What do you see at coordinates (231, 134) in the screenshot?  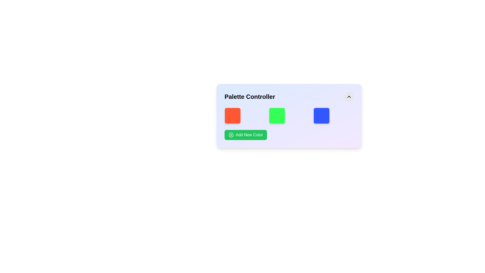 I see `the circular SVG element representing the '+' symbol, which is styled in green and located within the 'Add New Color' button` at bounding box center [231, 134].